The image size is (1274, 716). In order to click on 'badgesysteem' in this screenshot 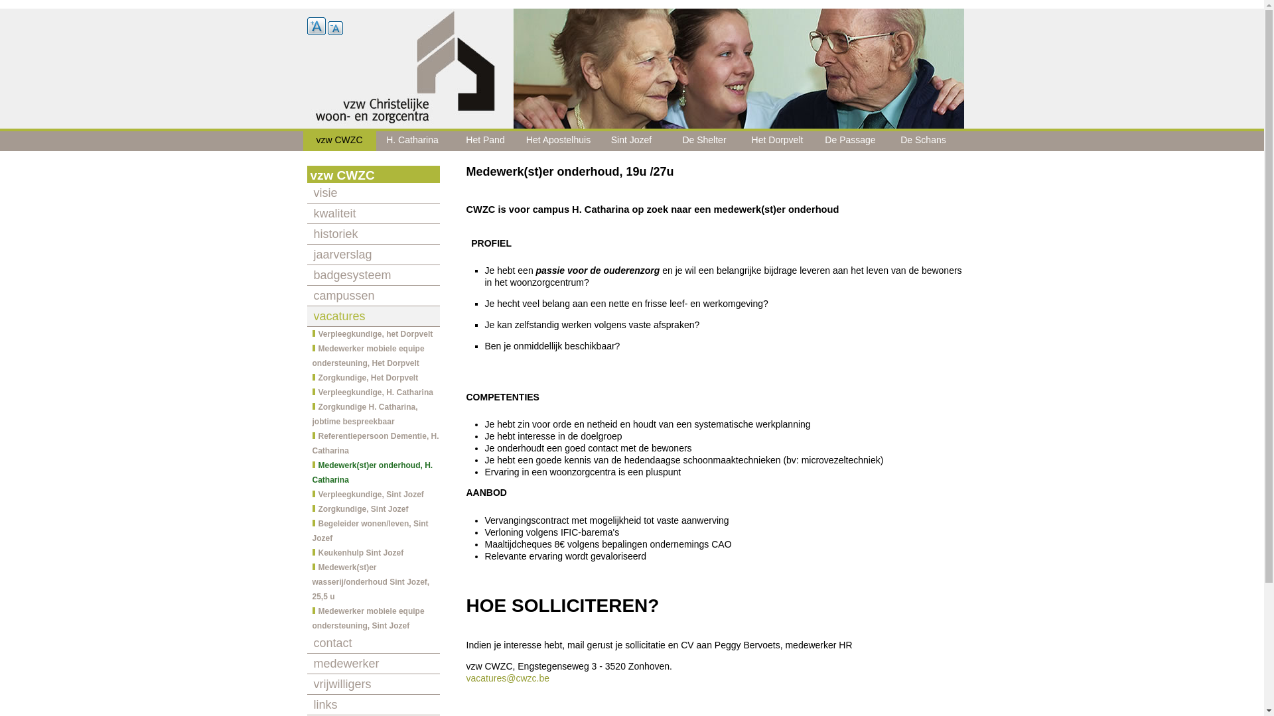, I will do `click(372, 274)`.